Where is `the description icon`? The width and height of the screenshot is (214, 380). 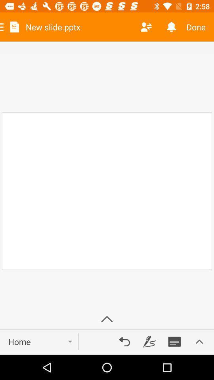
the description icon is located at coordinates (174, 341).